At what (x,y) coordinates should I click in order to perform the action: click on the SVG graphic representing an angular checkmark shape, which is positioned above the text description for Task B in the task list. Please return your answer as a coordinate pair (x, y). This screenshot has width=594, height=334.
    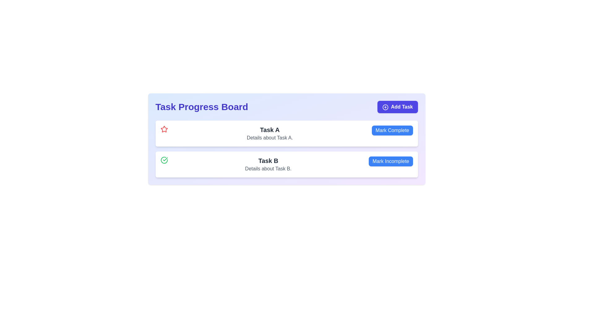
    Looking at the image, I should click on (165, 159).